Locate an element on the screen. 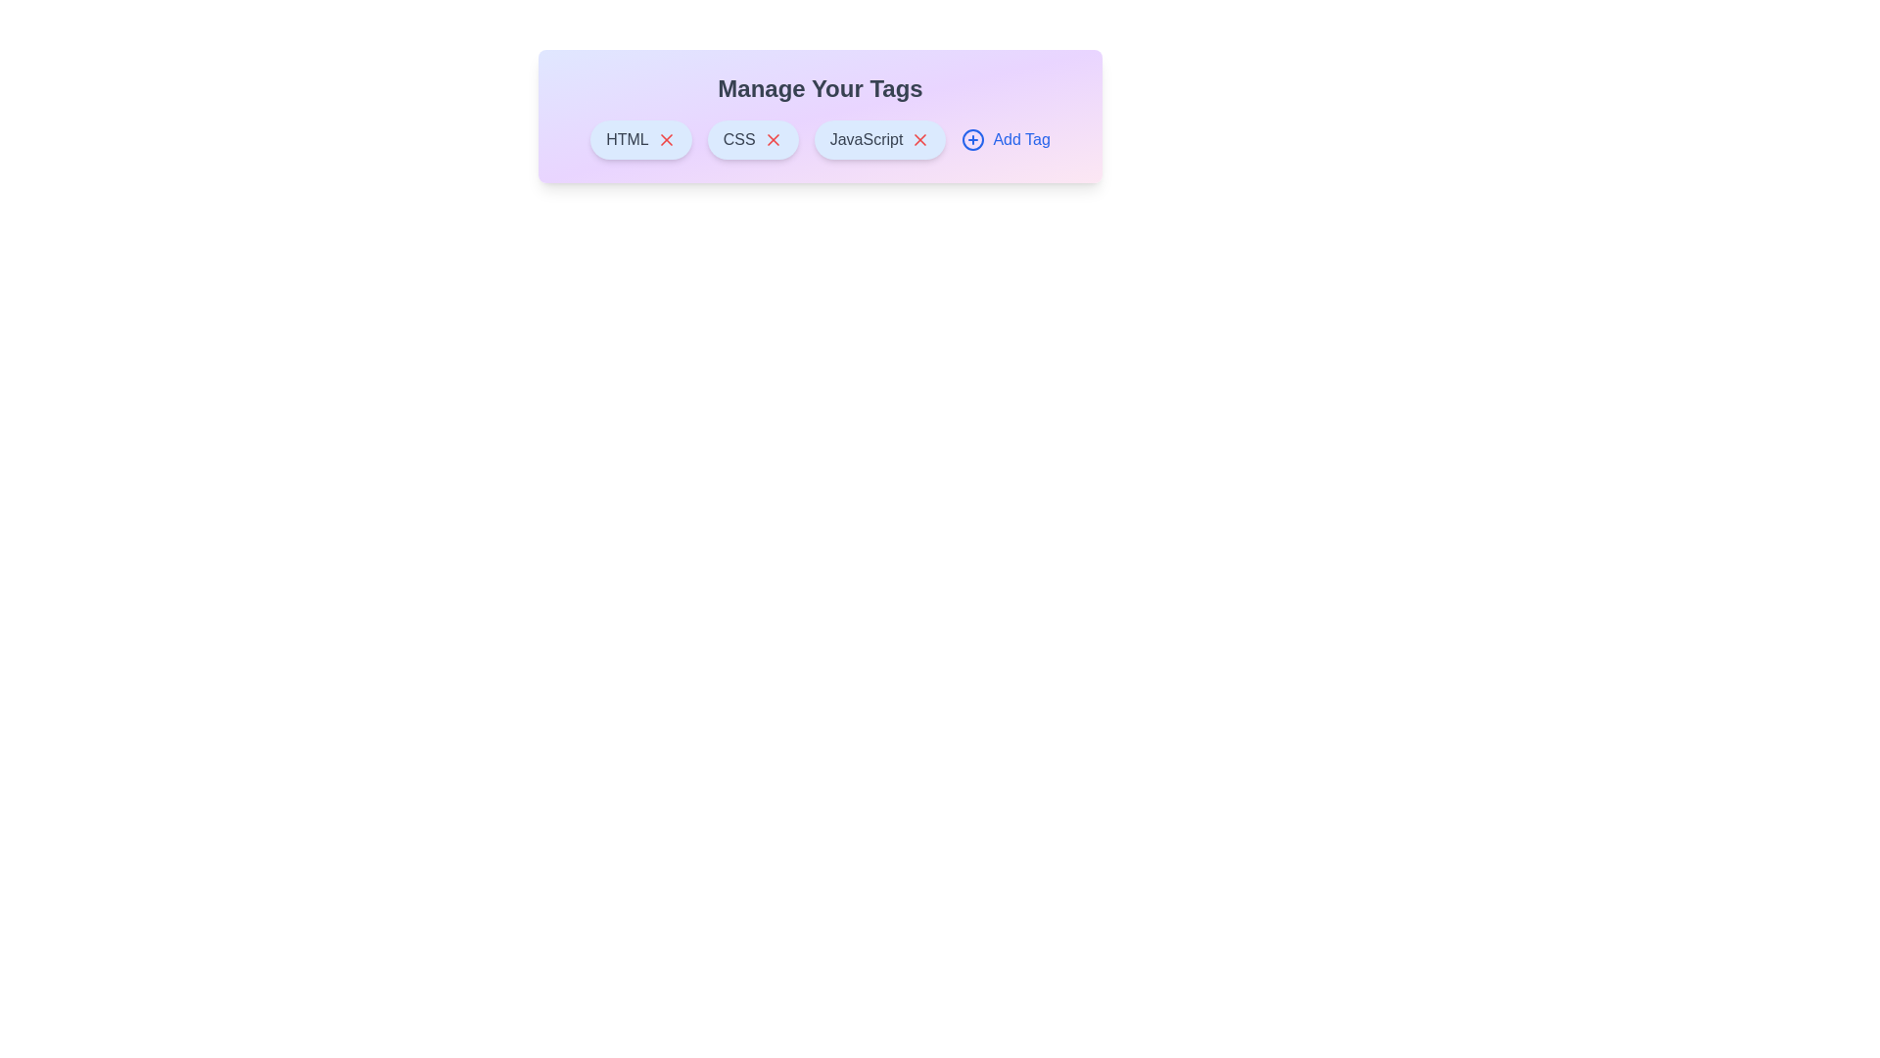 Image resolution: width=1880 pixels, height=1058 pixels. the 'Add Tag' button to add a new tag is located at coordinates (1006, 138).